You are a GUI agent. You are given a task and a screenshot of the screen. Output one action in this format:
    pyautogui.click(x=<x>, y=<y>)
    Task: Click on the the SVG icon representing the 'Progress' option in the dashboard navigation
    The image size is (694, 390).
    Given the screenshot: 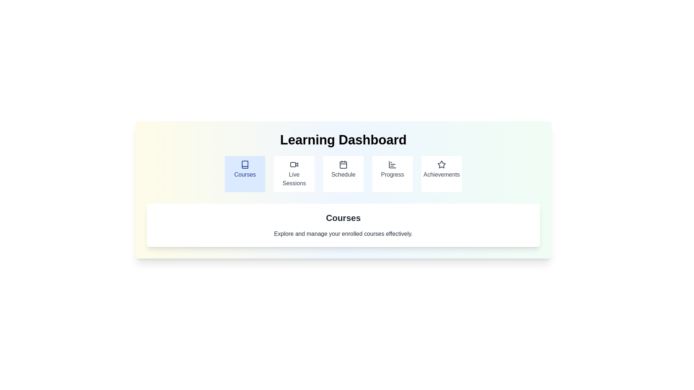 What is the action you would take?
    pyautogui.click(x=392, y=164)
    